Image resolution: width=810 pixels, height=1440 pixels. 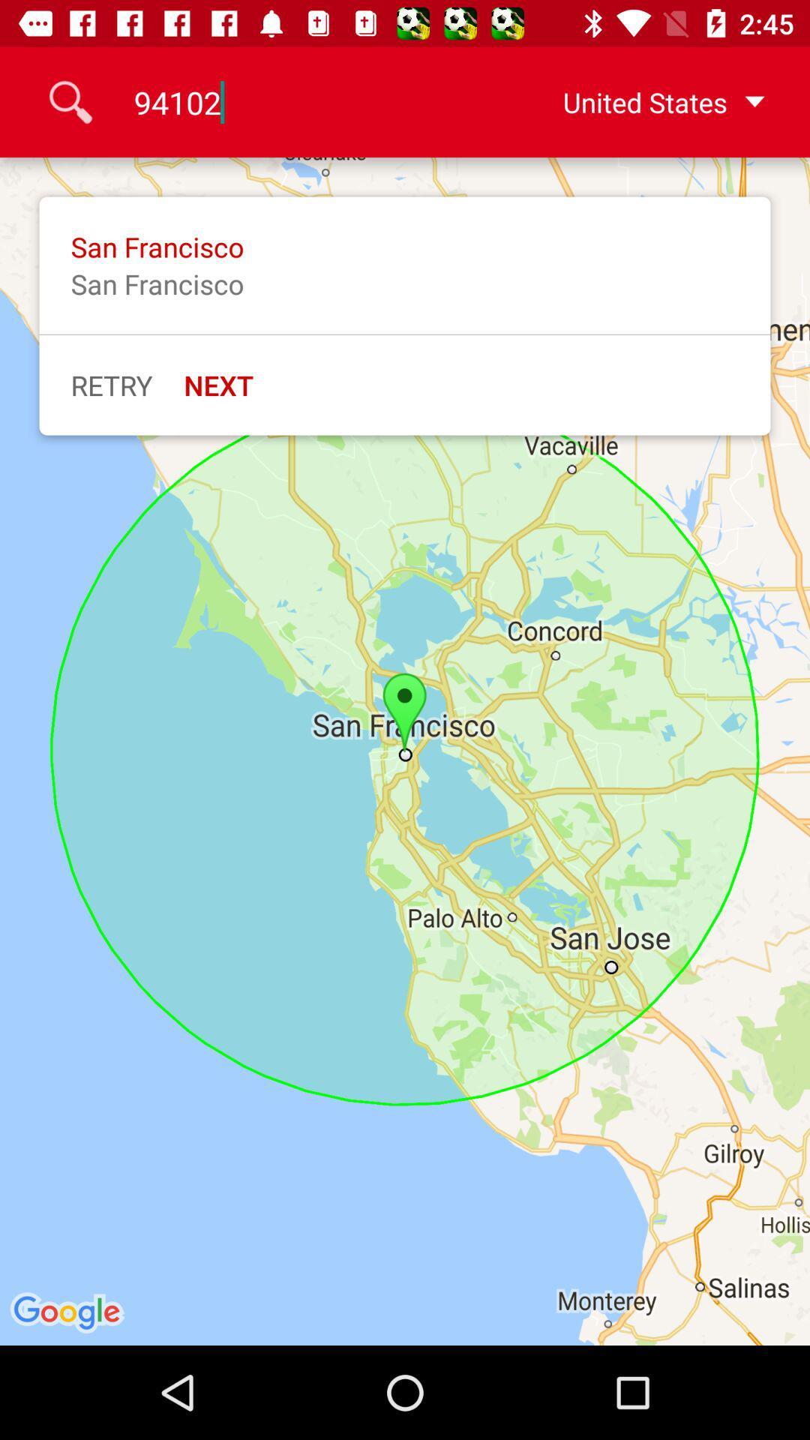 What do you see at coordinates (305, 101) in the screenshot?
I see `icon next to the united states` at bounding box center [305, 101].